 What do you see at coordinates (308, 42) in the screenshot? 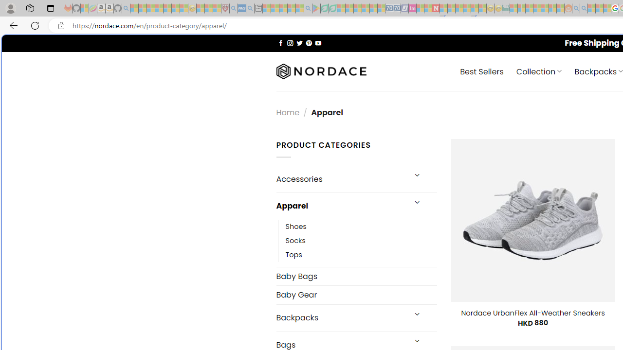
I see `'Follow on Pinterest'` at bounding box center [308, 42].